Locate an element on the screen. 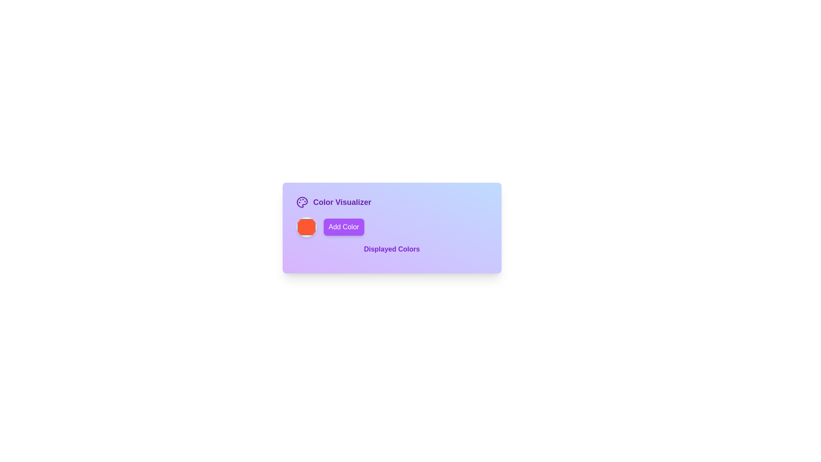  the Text Label that serves as a heading within the 'Color Visualizer' panel, positioned below the 'Add Color' button and above the color display grid is located at coordinates (391, 249).